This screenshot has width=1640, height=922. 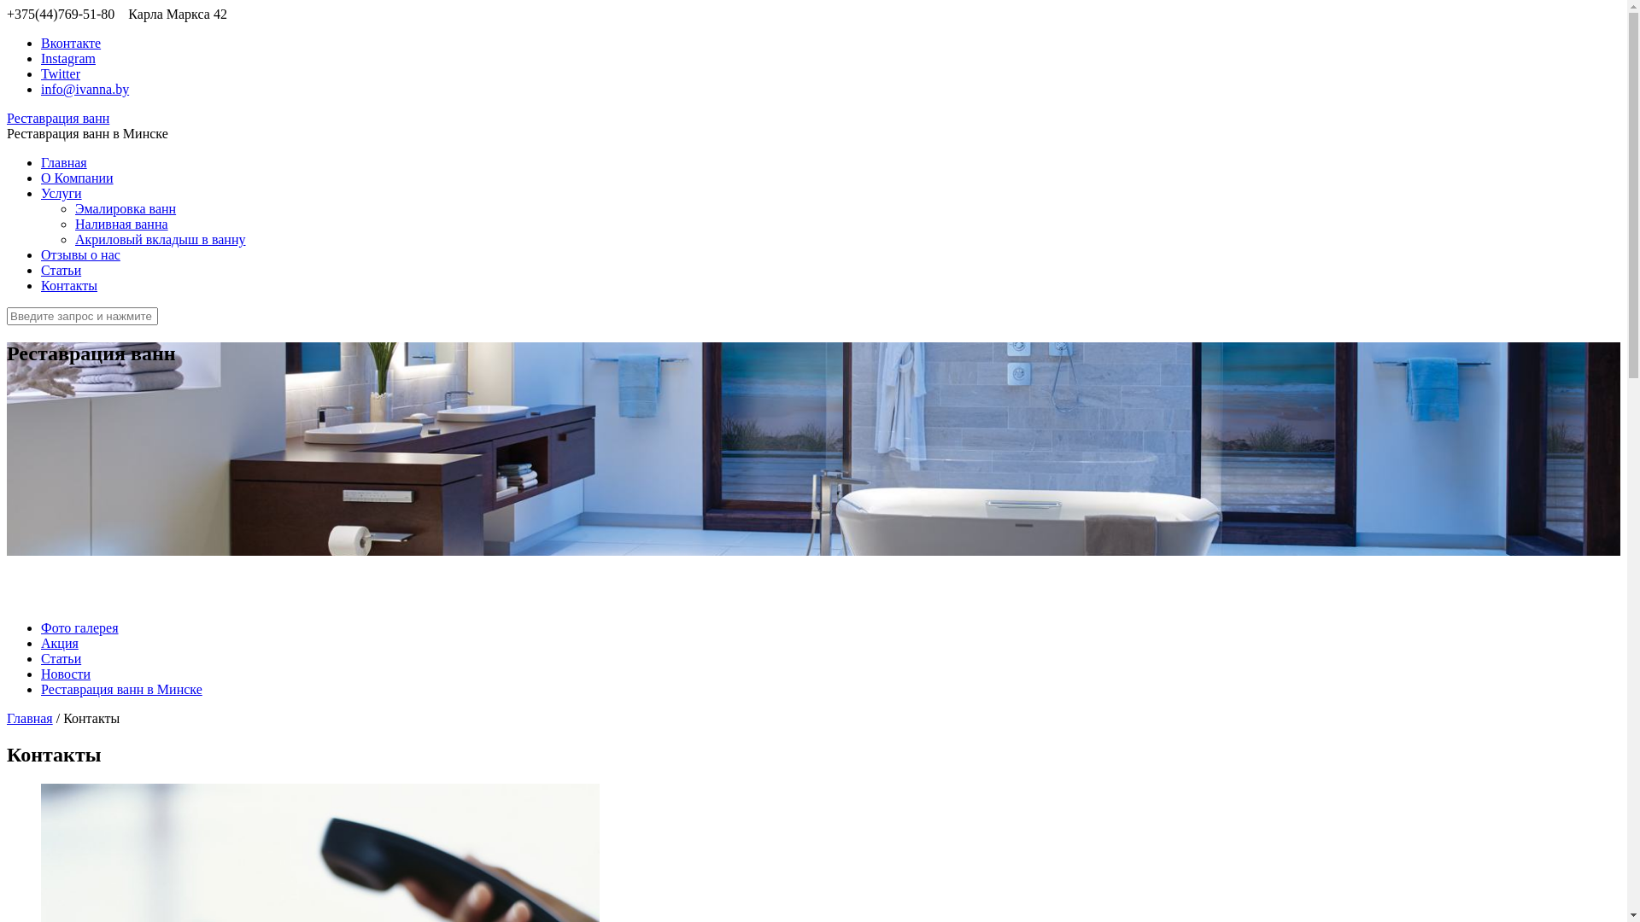 What do you see at coordinates (61, 73) in the screenshot?
I see `'Twitter'` at bounding box center [61, 73].